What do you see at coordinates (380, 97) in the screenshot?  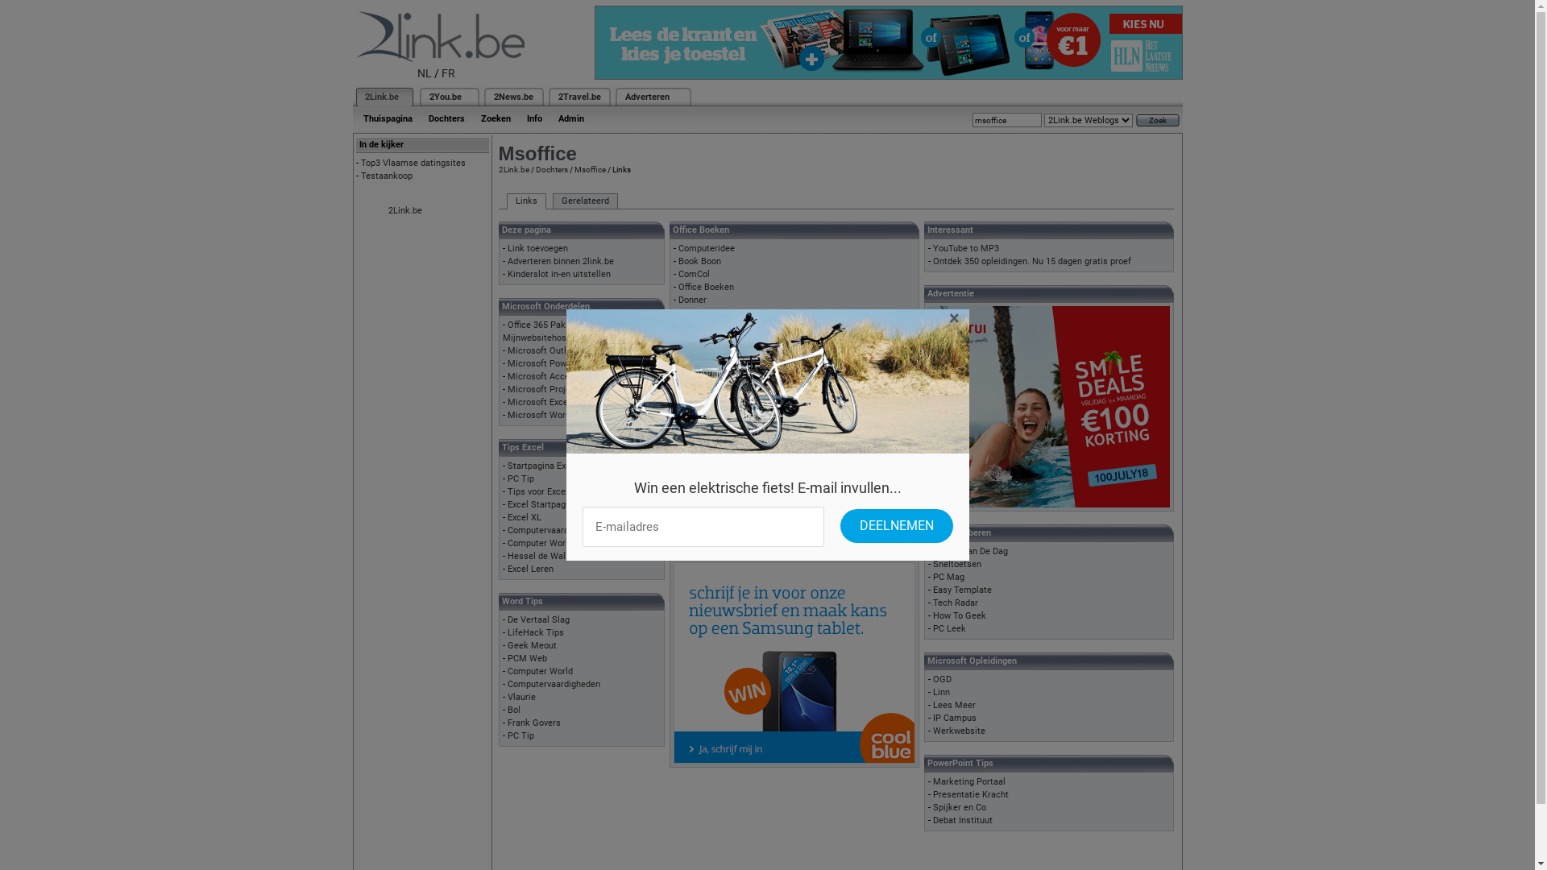 I see `'2Link.be'` at bounding box center [380, 97].